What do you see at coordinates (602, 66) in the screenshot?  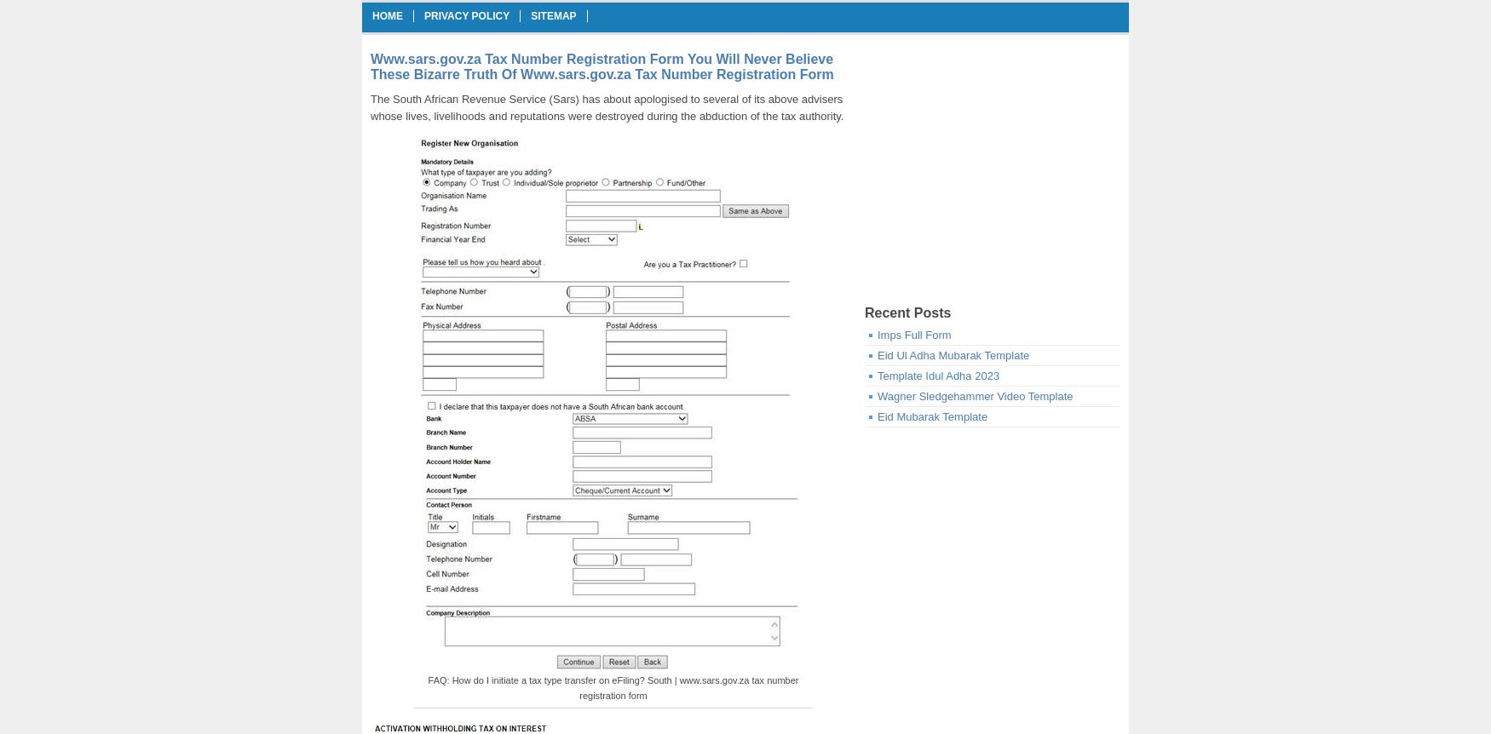 I see `'Www.sars.gov.za Tax Number Registration Form
 You Will Never Believe These Bizarre Truth Of Www.sars.gov.za Tax Number Registration Form'` at bounding box center [602, 66].